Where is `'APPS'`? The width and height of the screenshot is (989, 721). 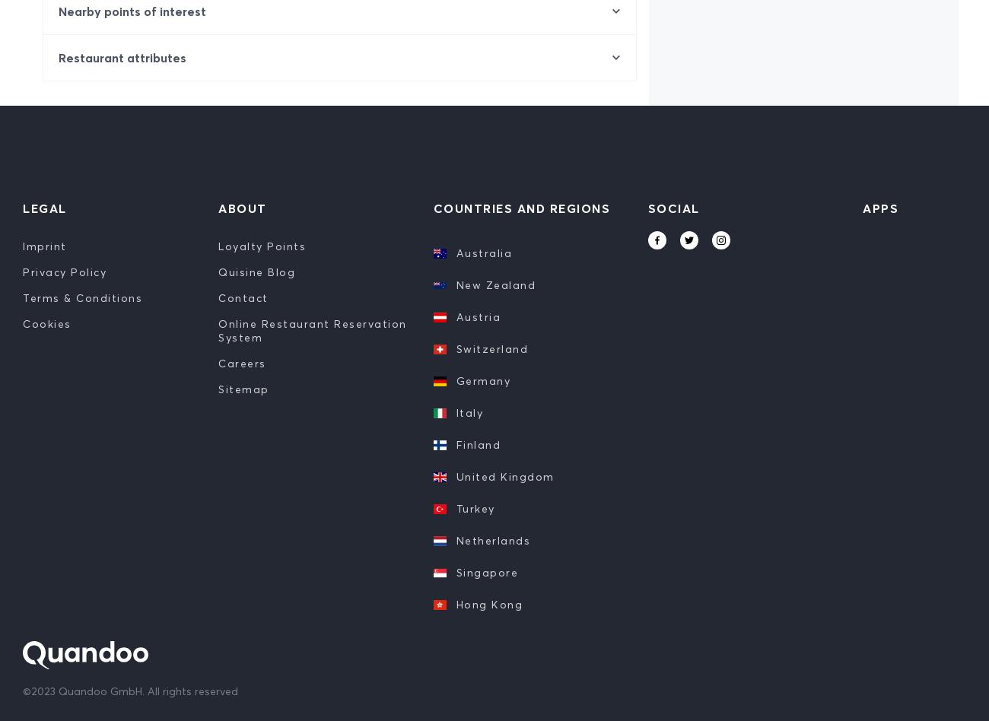
'APPS' is located at coordinates (880, 208).